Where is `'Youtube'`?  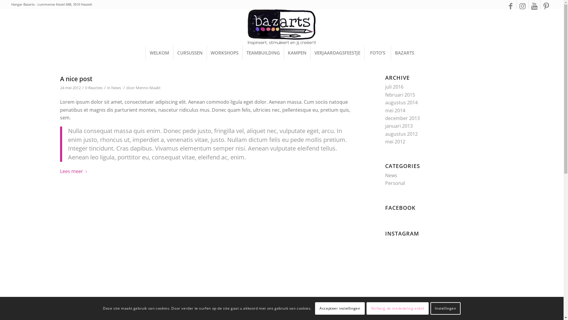 'Youtube' is located at coordinates (534, 6).